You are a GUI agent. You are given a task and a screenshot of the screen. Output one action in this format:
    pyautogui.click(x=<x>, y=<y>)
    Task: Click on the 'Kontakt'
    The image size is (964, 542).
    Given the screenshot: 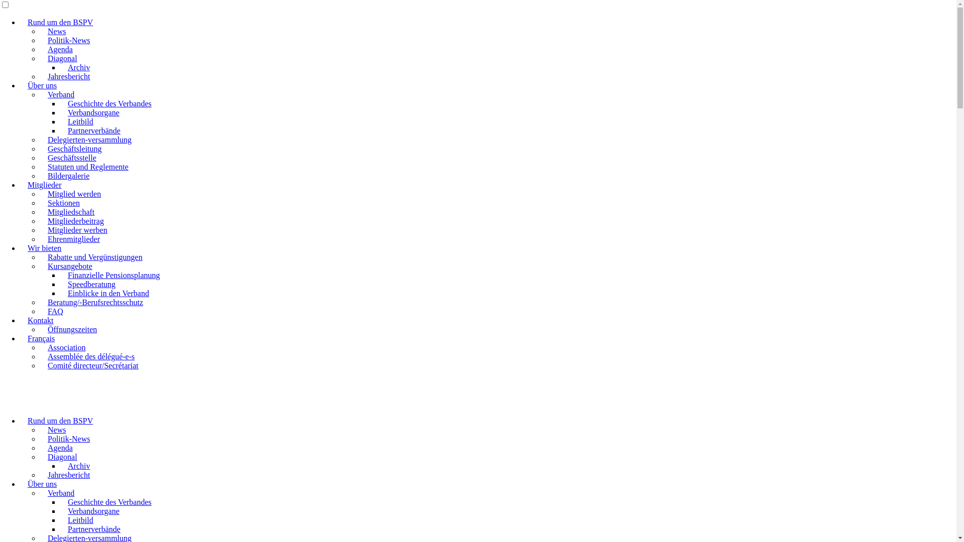 What is the action you would take?
    pyautogui.click(x=40, y=320)
    